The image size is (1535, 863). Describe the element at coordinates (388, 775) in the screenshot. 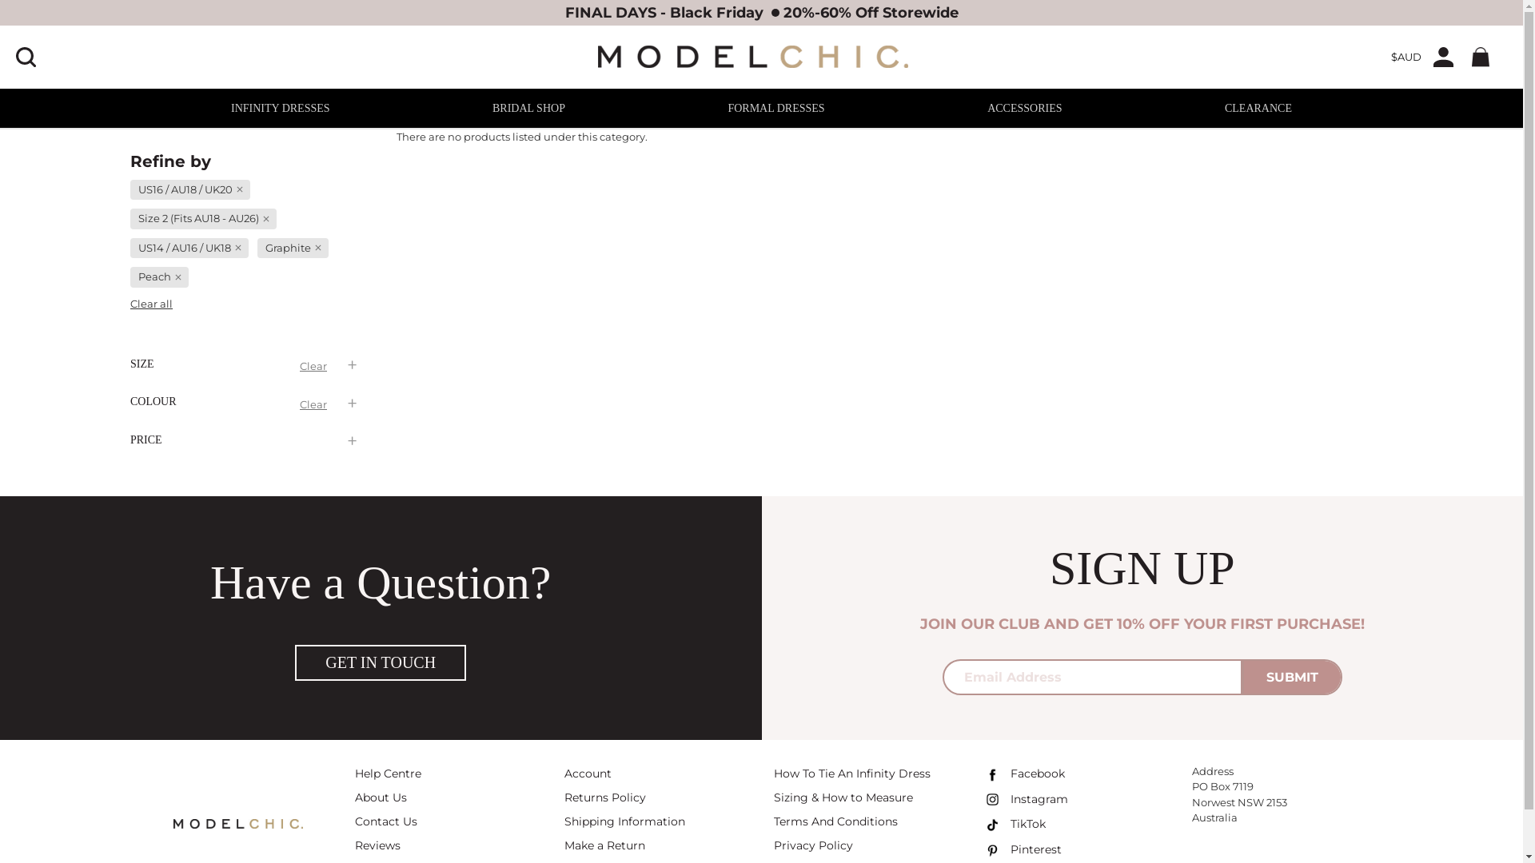

I see `'Help Centre'` at that location.